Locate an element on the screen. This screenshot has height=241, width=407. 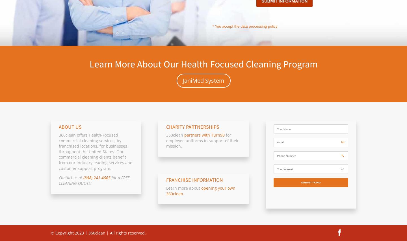
'FRANCHISE INFORMATION' is located at coordinates (194, 179).